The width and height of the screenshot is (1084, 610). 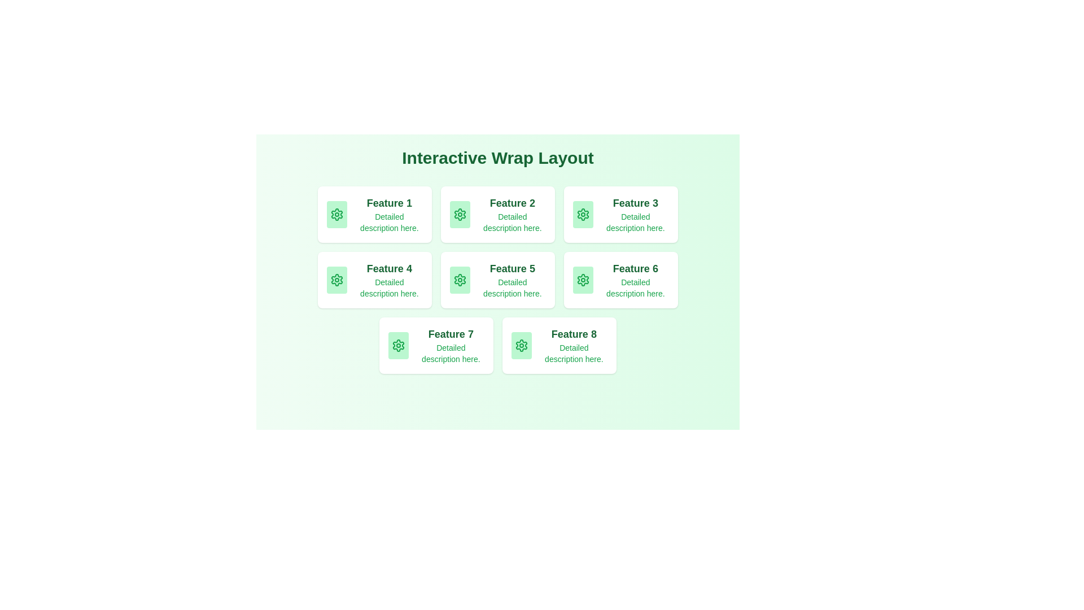 What do you see at coordinates (398, 345) in the screenshot?
I see `the settings icon for 'Feature 7', which is centrally aligned within its green rounded background` at bounding box center [398, 345].